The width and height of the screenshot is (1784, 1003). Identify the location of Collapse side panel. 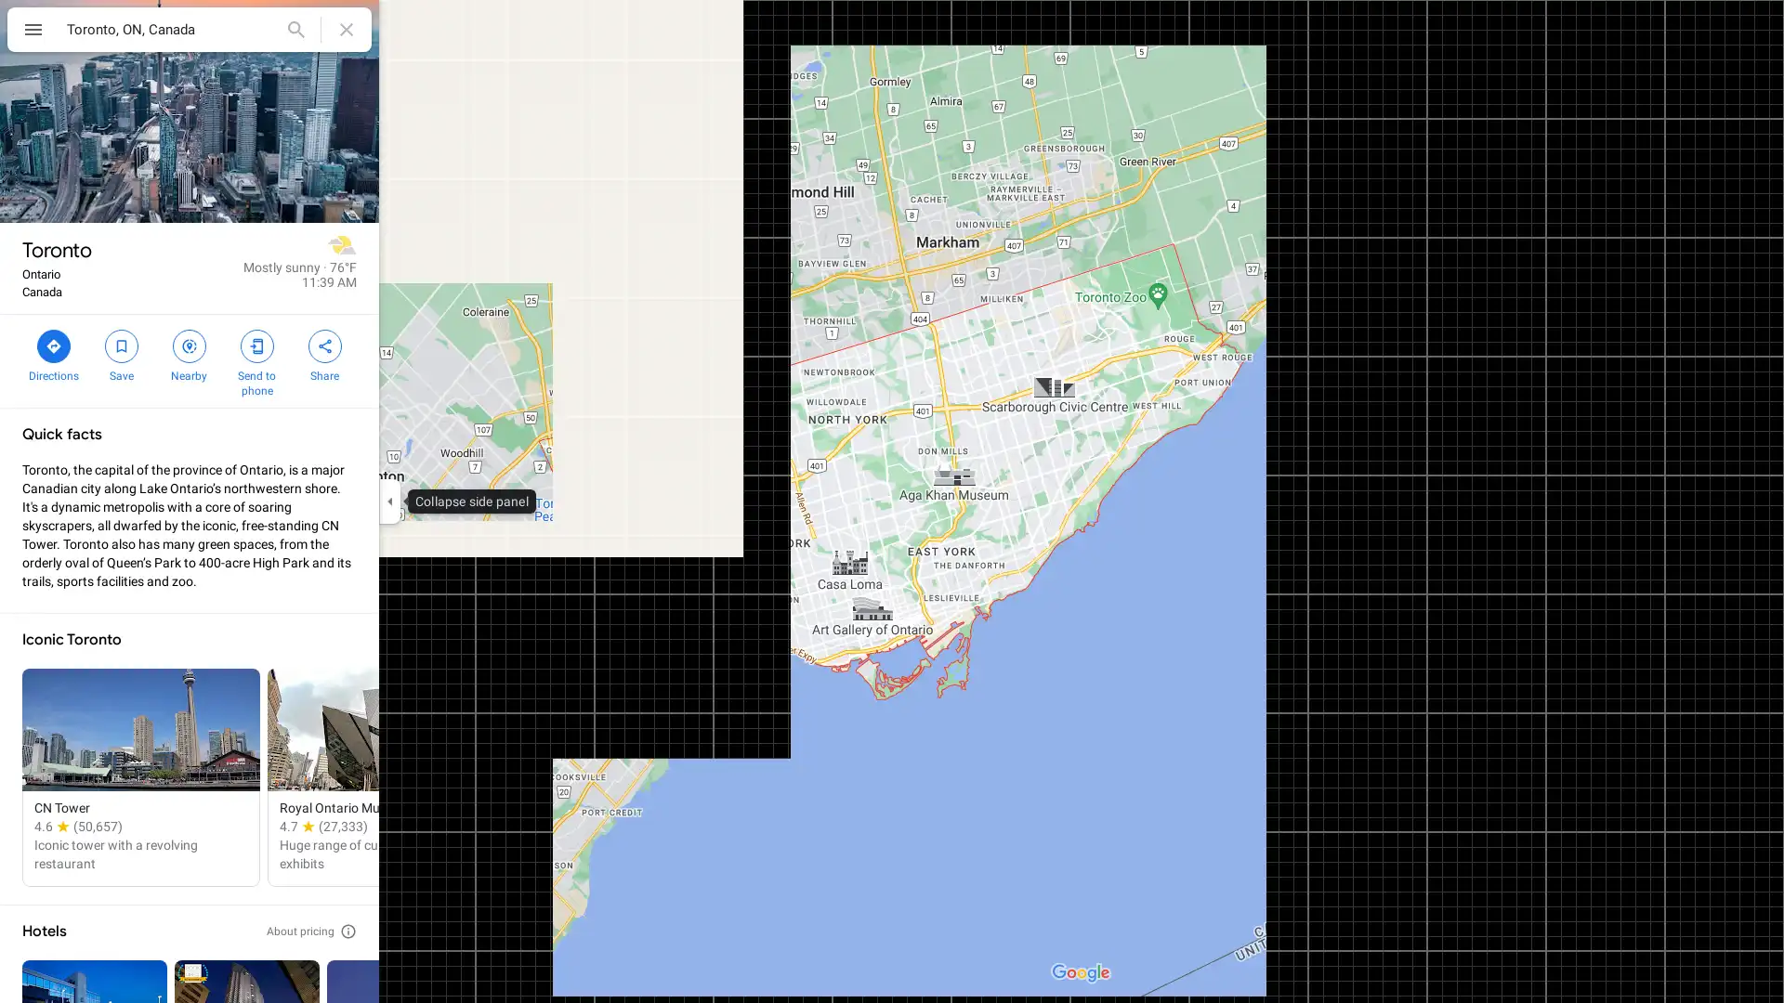
(388, 501).